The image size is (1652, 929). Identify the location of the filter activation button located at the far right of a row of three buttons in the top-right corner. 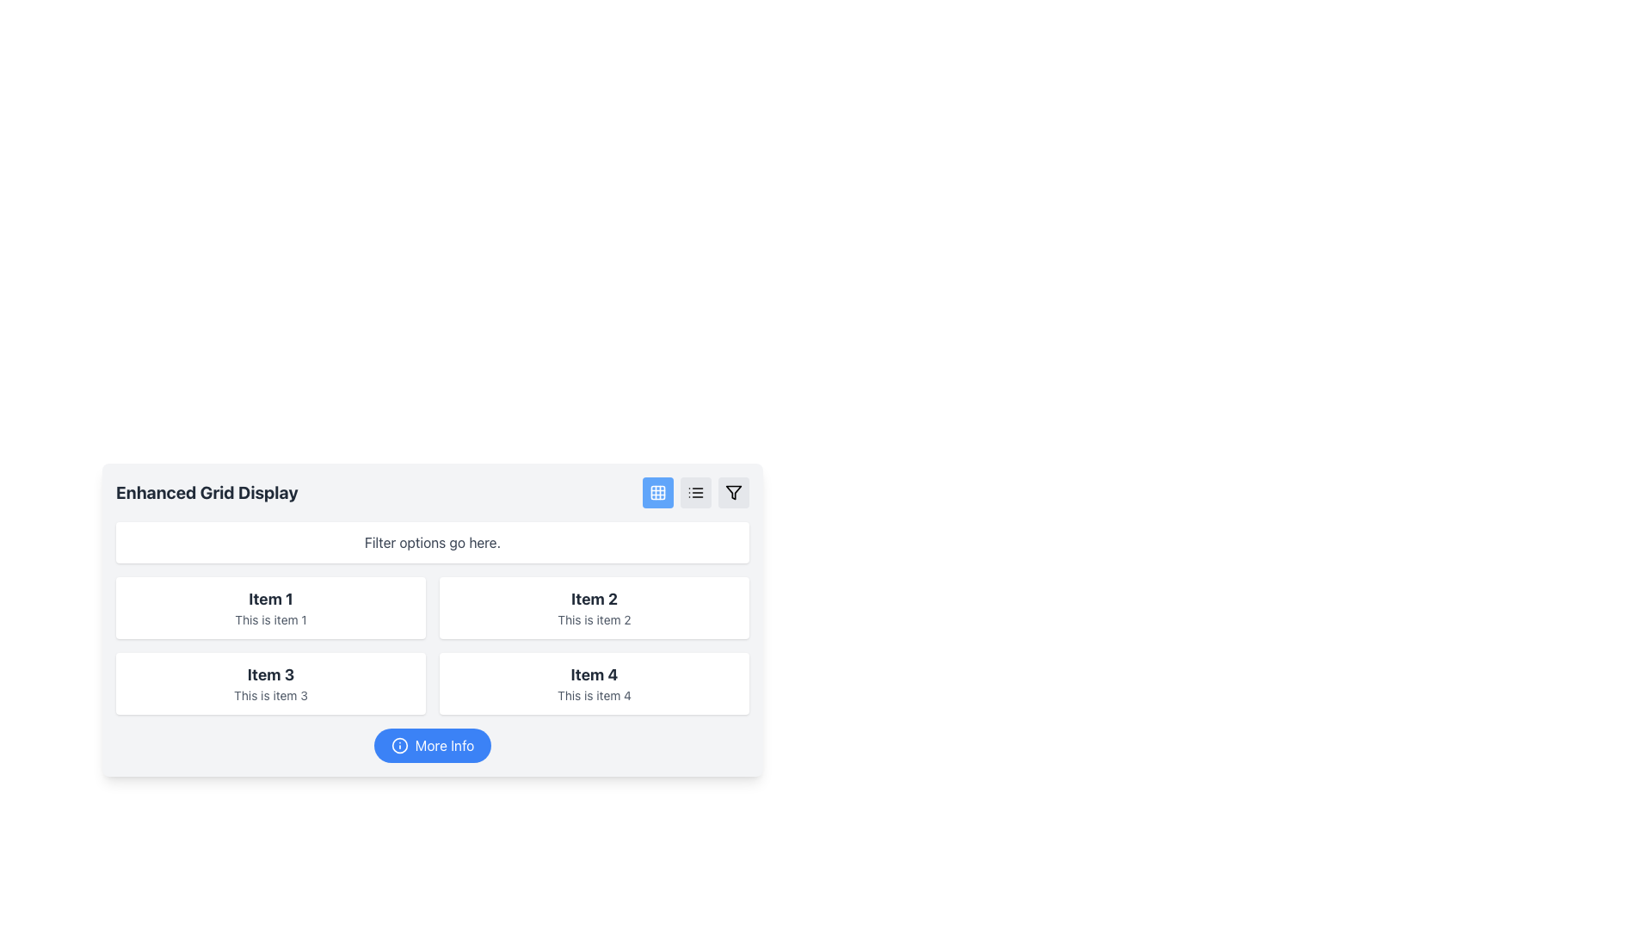
(734, 493).